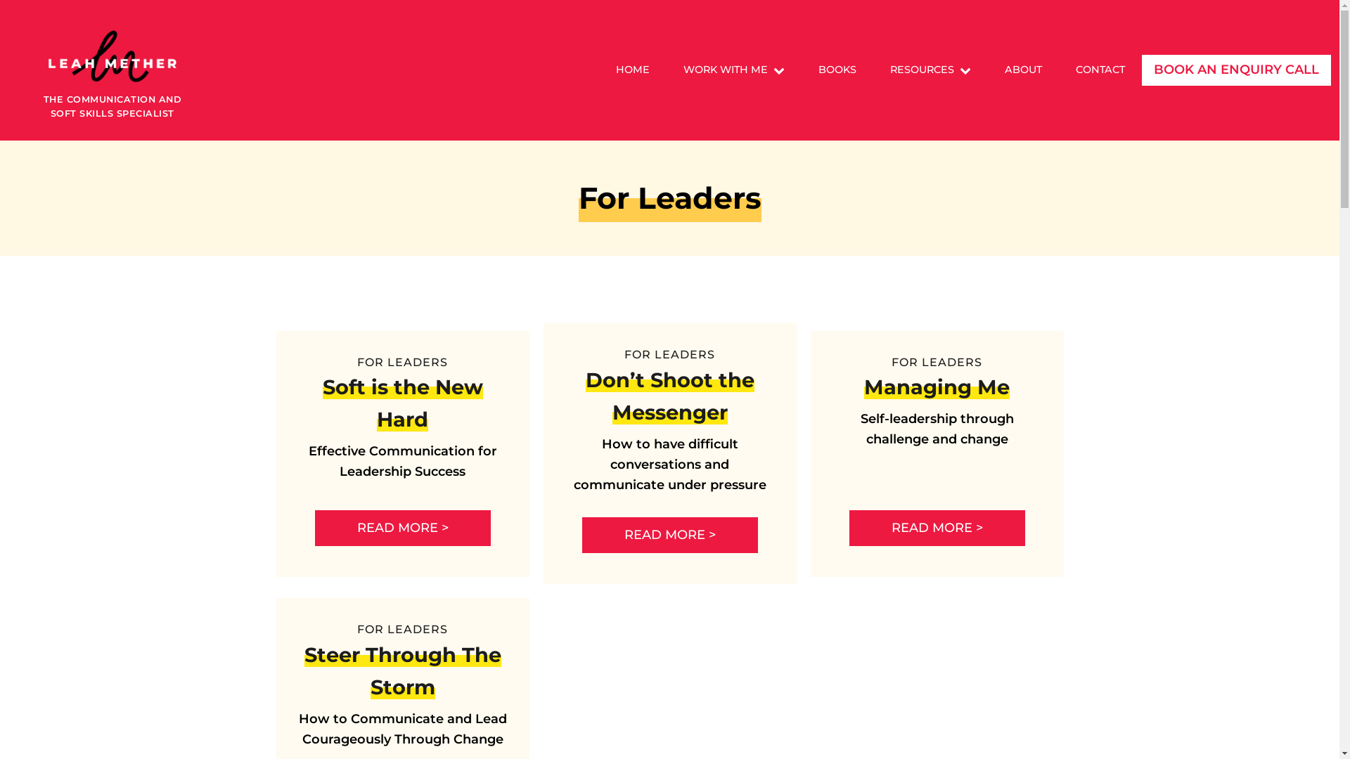 The height and width of the screenshot is (759, 1350). What do you see at coordinates (1023, 70) in the screenshot?
I see `'ABOUT'` at bounding box center [1023, 70].